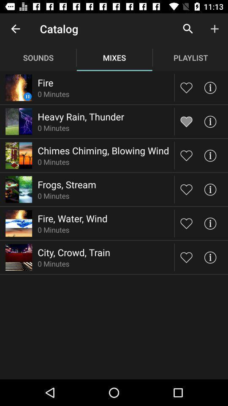 The height and width of the screenshot is (406, 228). What do you see at coordinates (209, 223) in the screenshot?
I see `tap for information` at bounding box center [209, 223].